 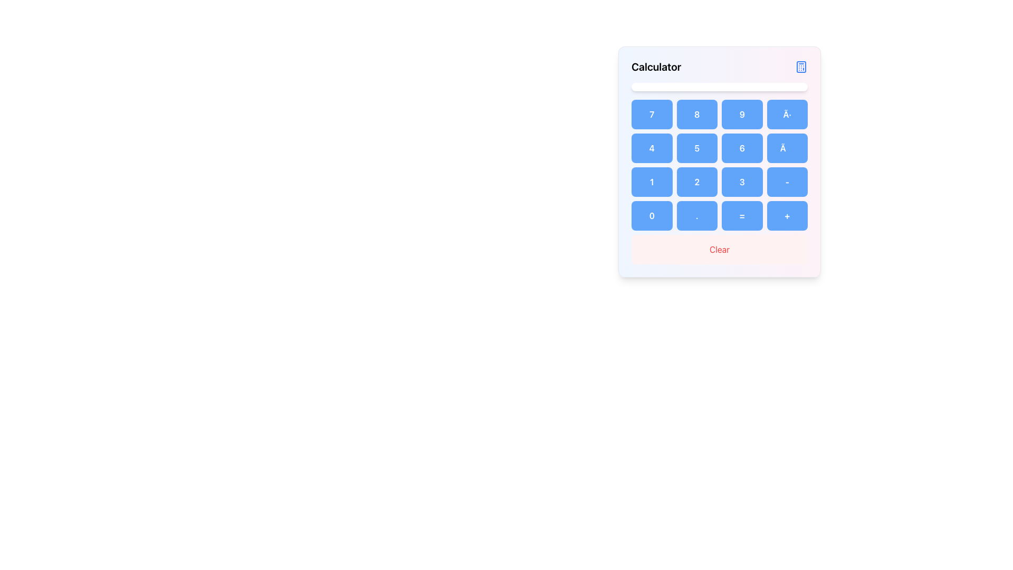 What do you see at coordinates (651, 148) in the screenshot?
I see `the blue square button displaying the number '4' in white, bold text, located in the second row and first column of the numeric keypad` at bounding box center [651, 148].